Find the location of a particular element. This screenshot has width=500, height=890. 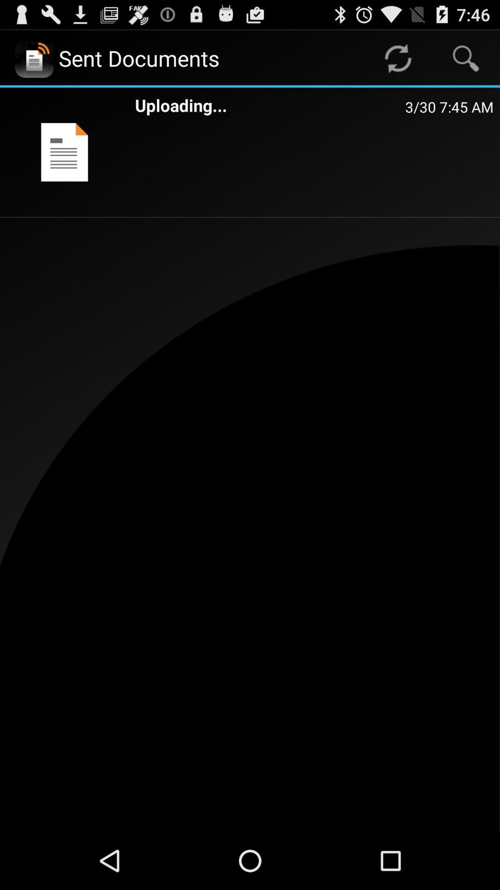

the item to the left of 3 30 7 app is located at coordinates (270, 105).